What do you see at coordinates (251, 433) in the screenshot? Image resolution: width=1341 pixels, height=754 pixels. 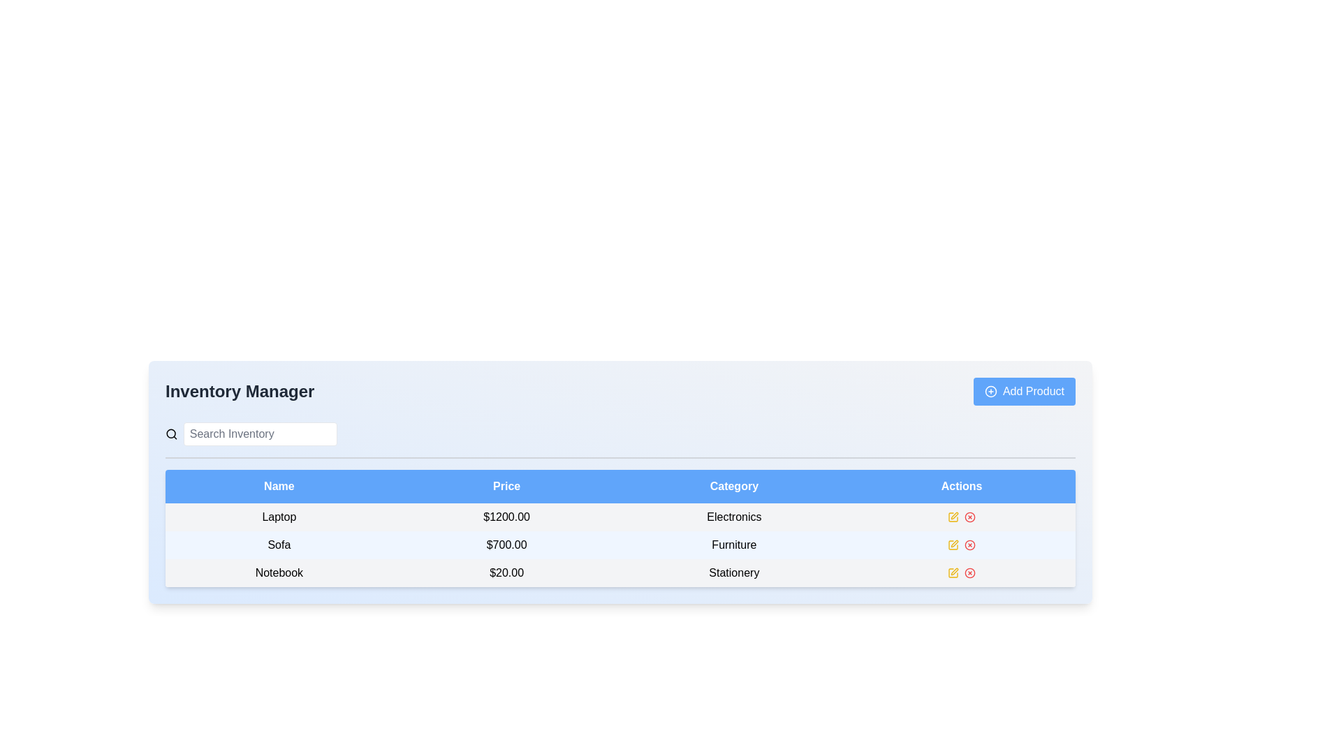 I see `the search input box located beneath the 'Inventory Manager' header` at bounding box center [251, 433].